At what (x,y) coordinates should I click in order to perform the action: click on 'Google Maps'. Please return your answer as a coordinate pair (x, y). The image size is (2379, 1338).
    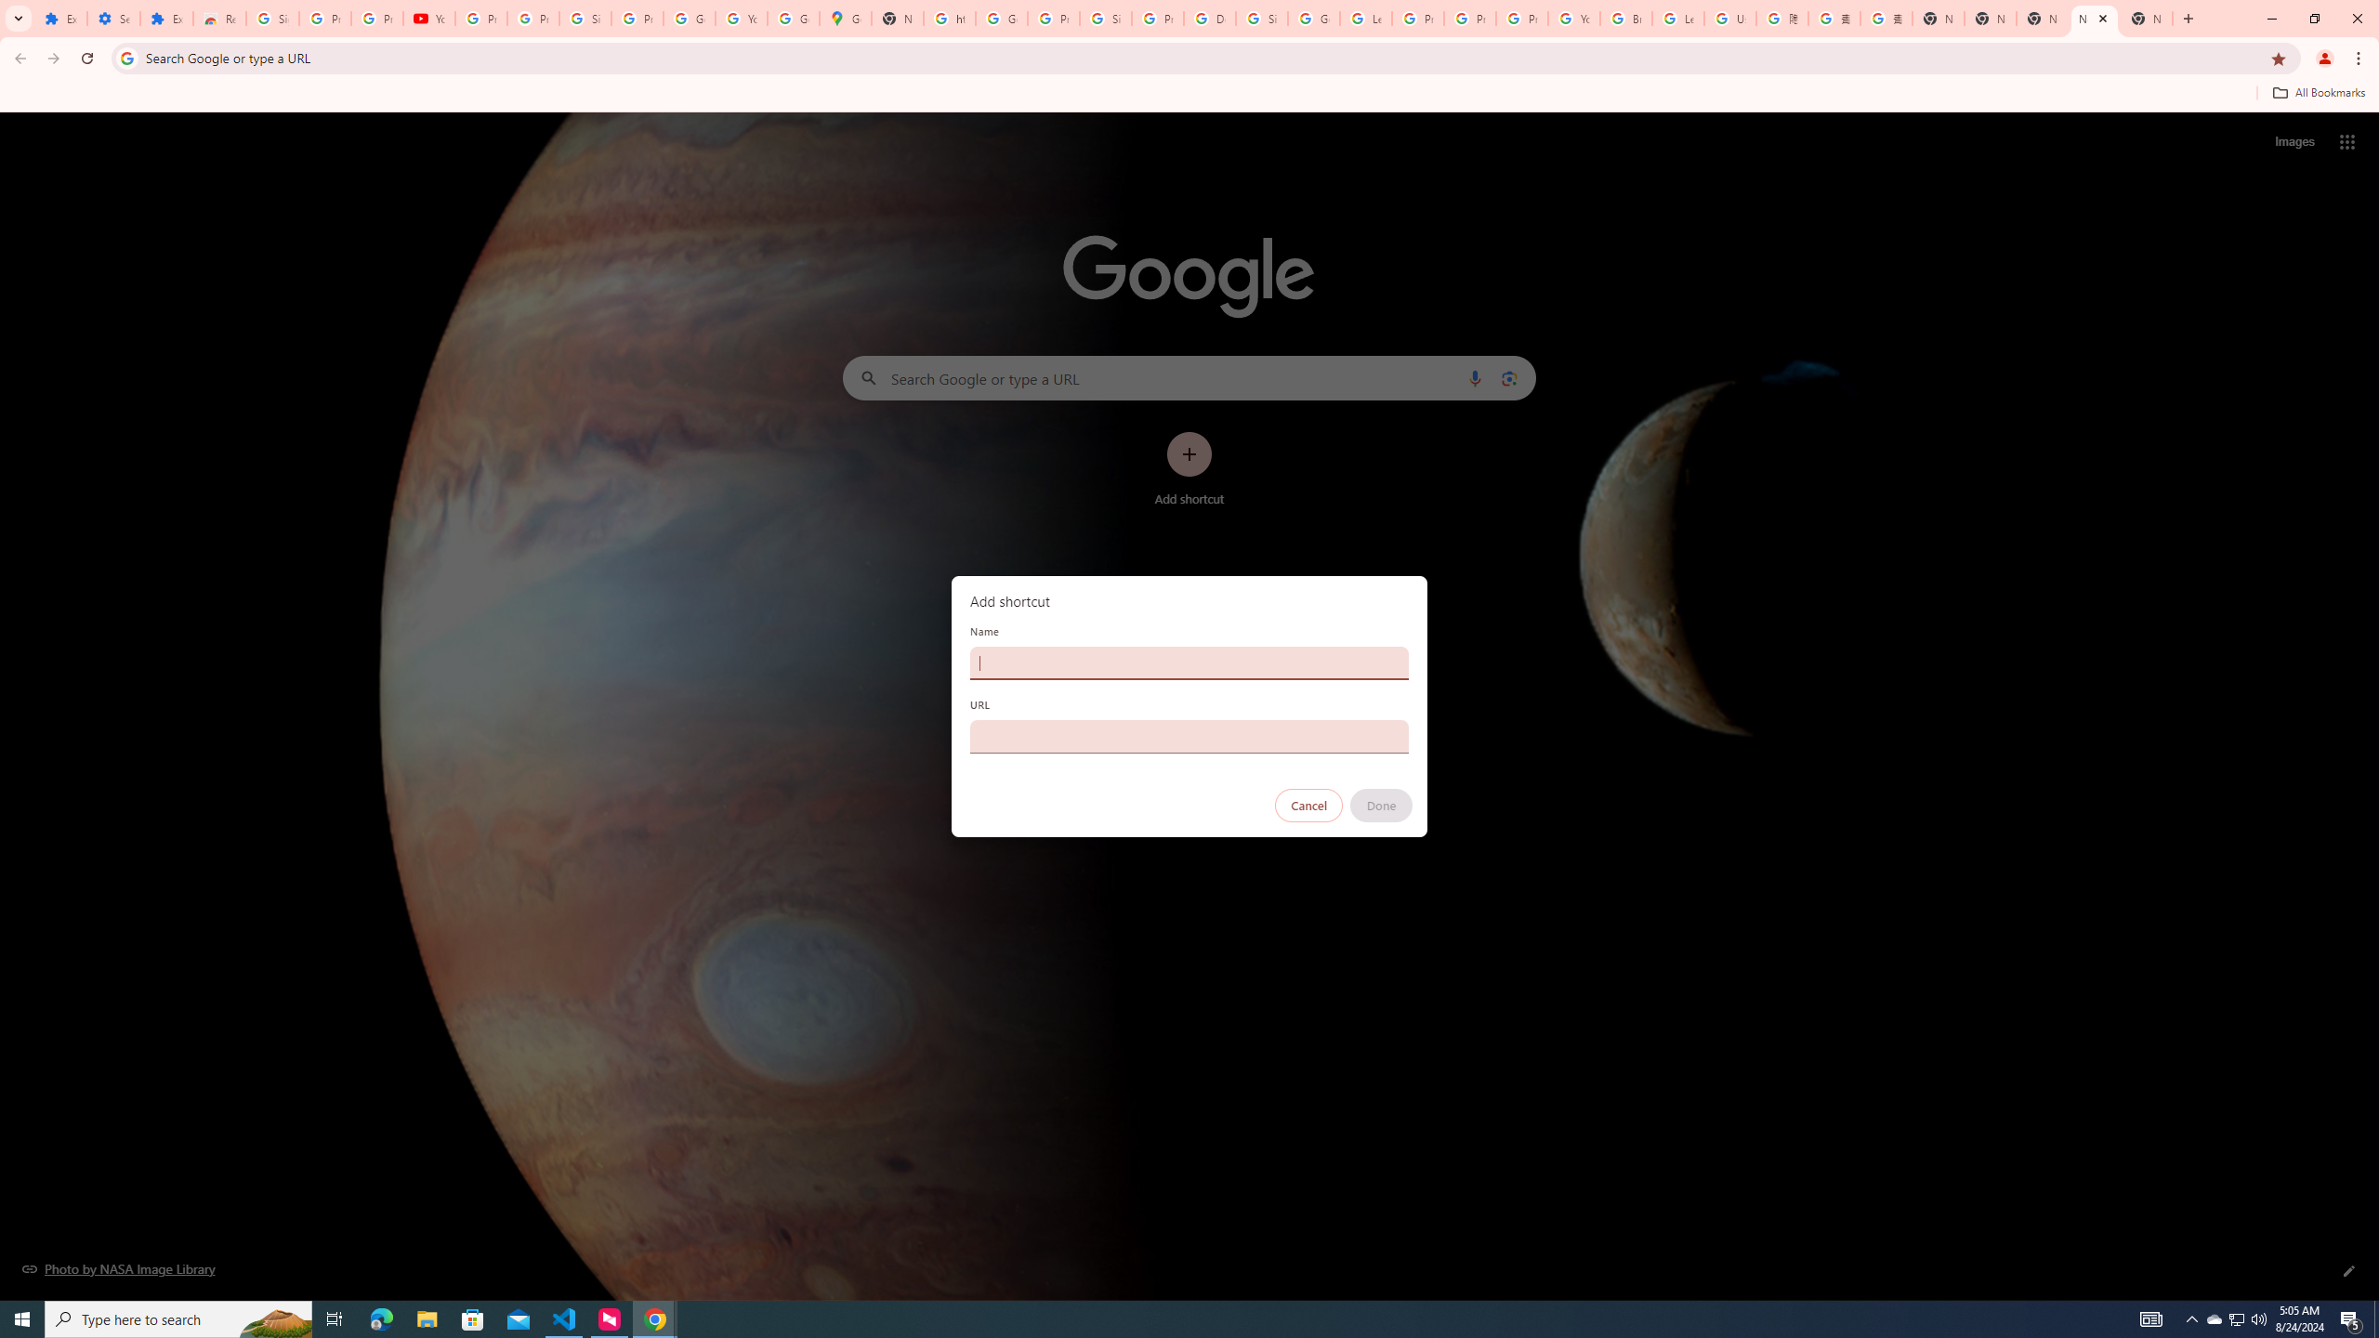
    Looking at the image, I should click on (845, 18).